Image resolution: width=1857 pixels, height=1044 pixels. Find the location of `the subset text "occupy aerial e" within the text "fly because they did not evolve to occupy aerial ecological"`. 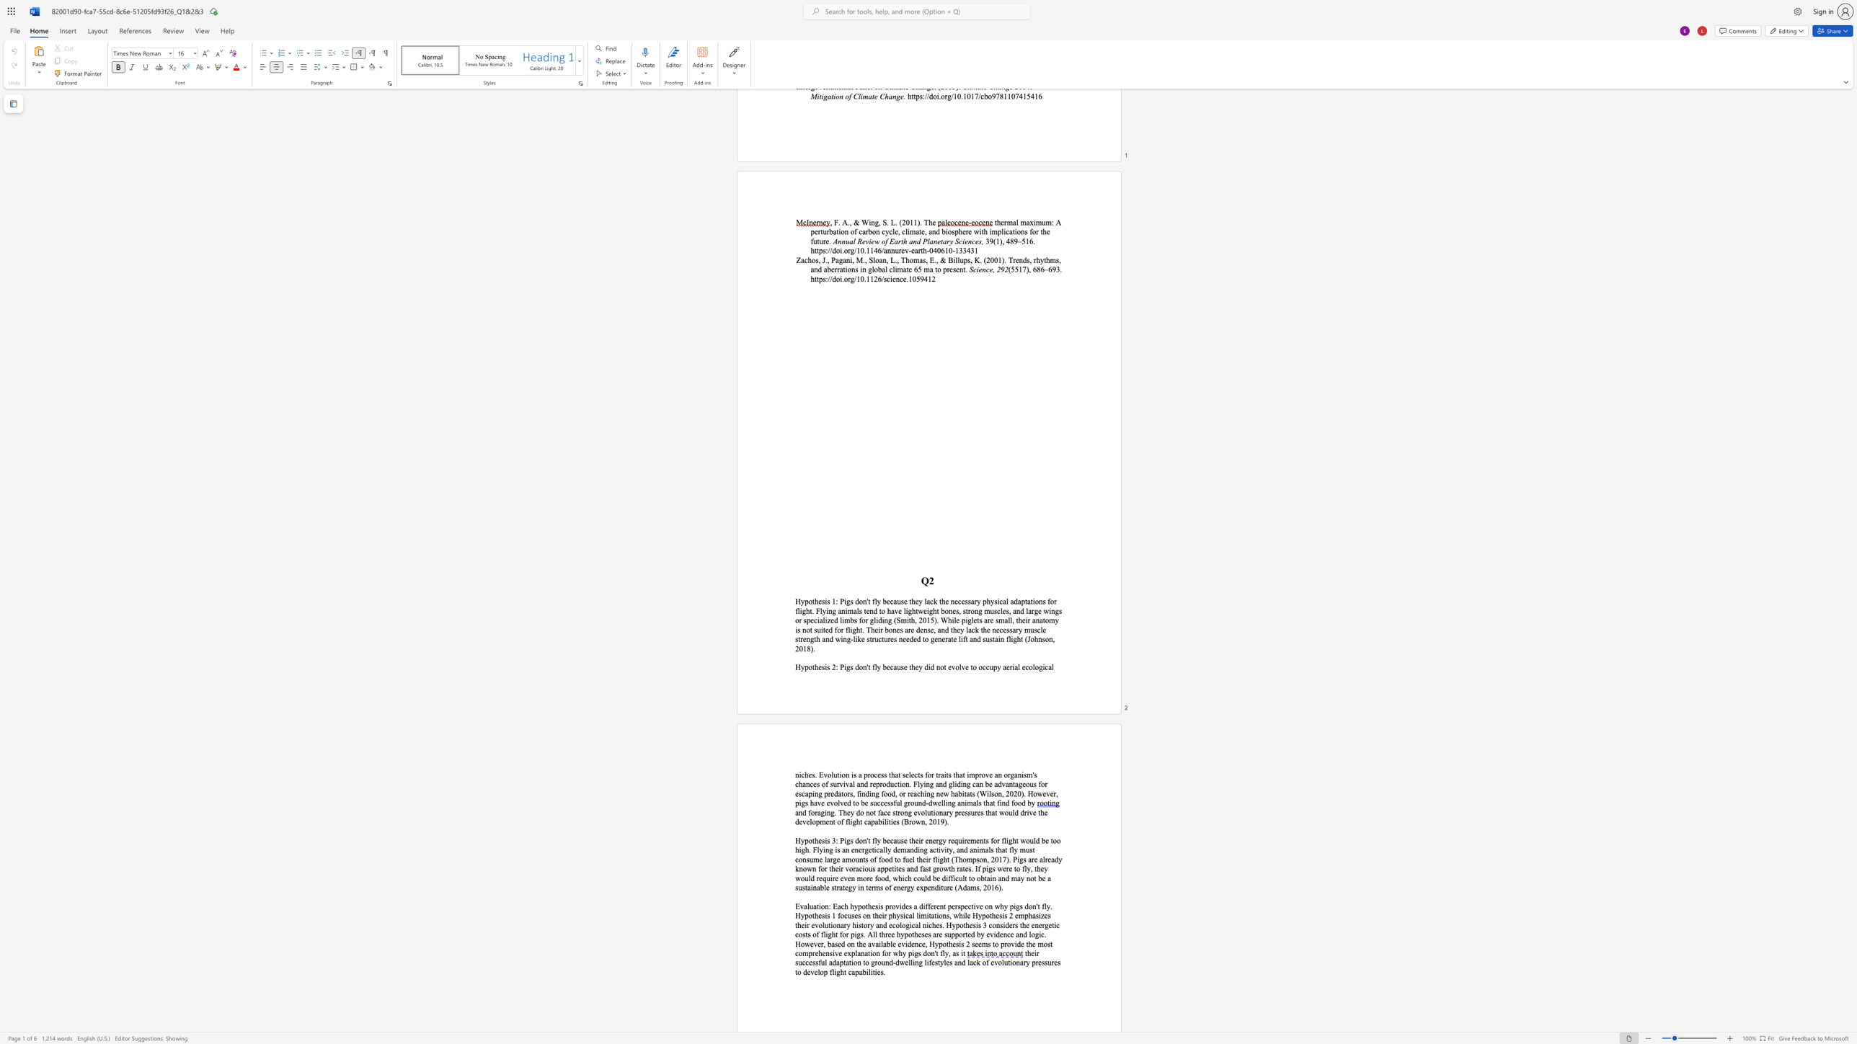

the subset text "occupy aerial e" within the text "fly because they did not evolve to occupy aerial ecological" is located at coordinates (978, 666).